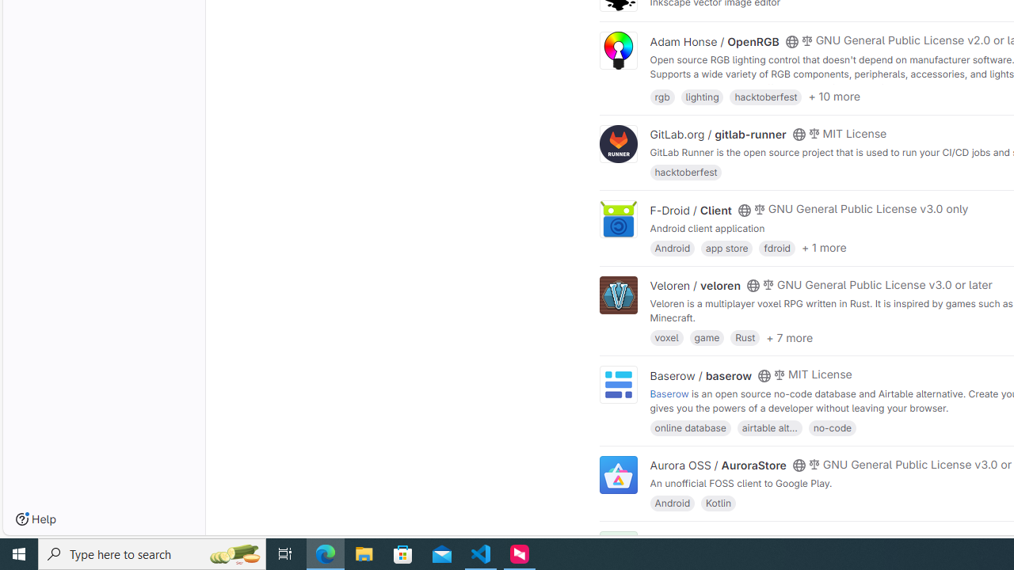 This screenshot has height=570, width=1014. I want to click on 'online database', so click(690, 426).